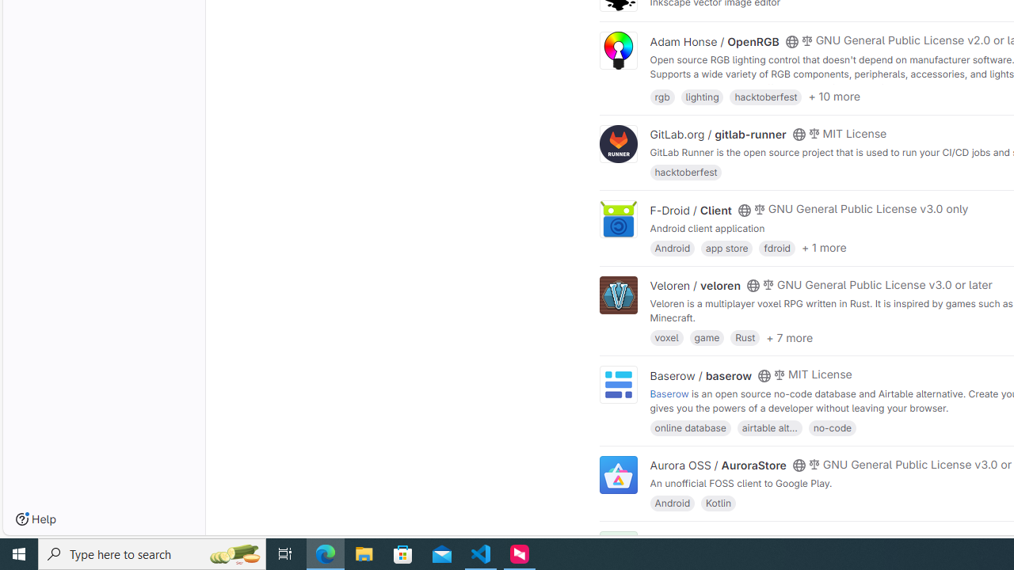 This screenshot has height=570, width=1014. I want to click on 'online database', so click(690, 426).